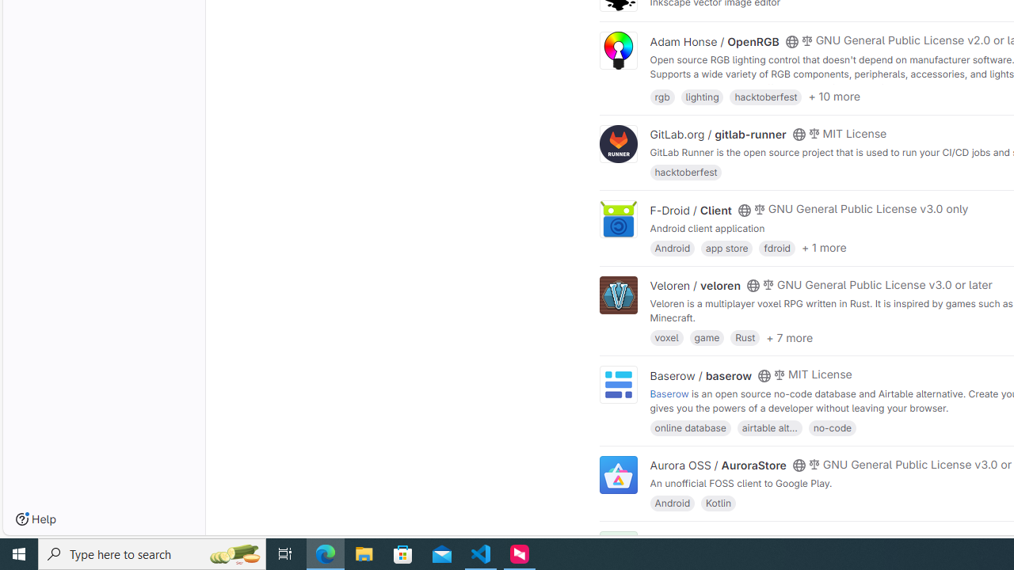 This screenshot has height=570, width=1014. I want to click on 'online database', so click(690, 426).